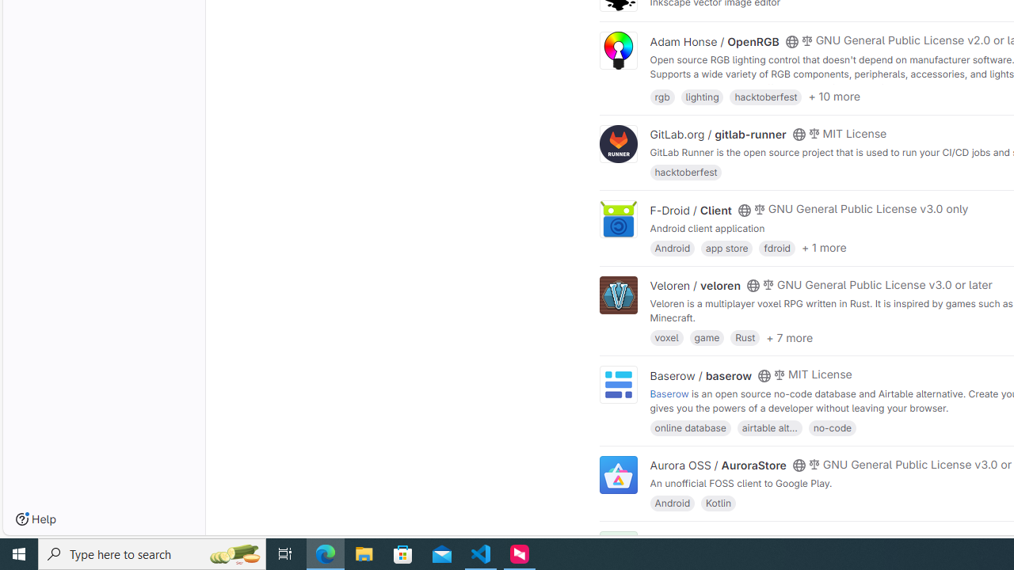 This screenshot has height=570, width=1014. I want to click on 'online database', so click(690, 426).